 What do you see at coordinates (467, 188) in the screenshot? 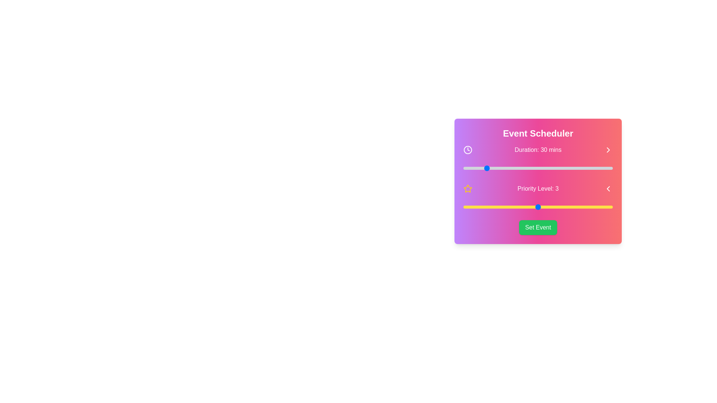
I see `the yellow star-shaped icon located in the gradient-colored right panel, near the 'Priority Level: 3' label to interact with it` at bounding box center [467, 188].